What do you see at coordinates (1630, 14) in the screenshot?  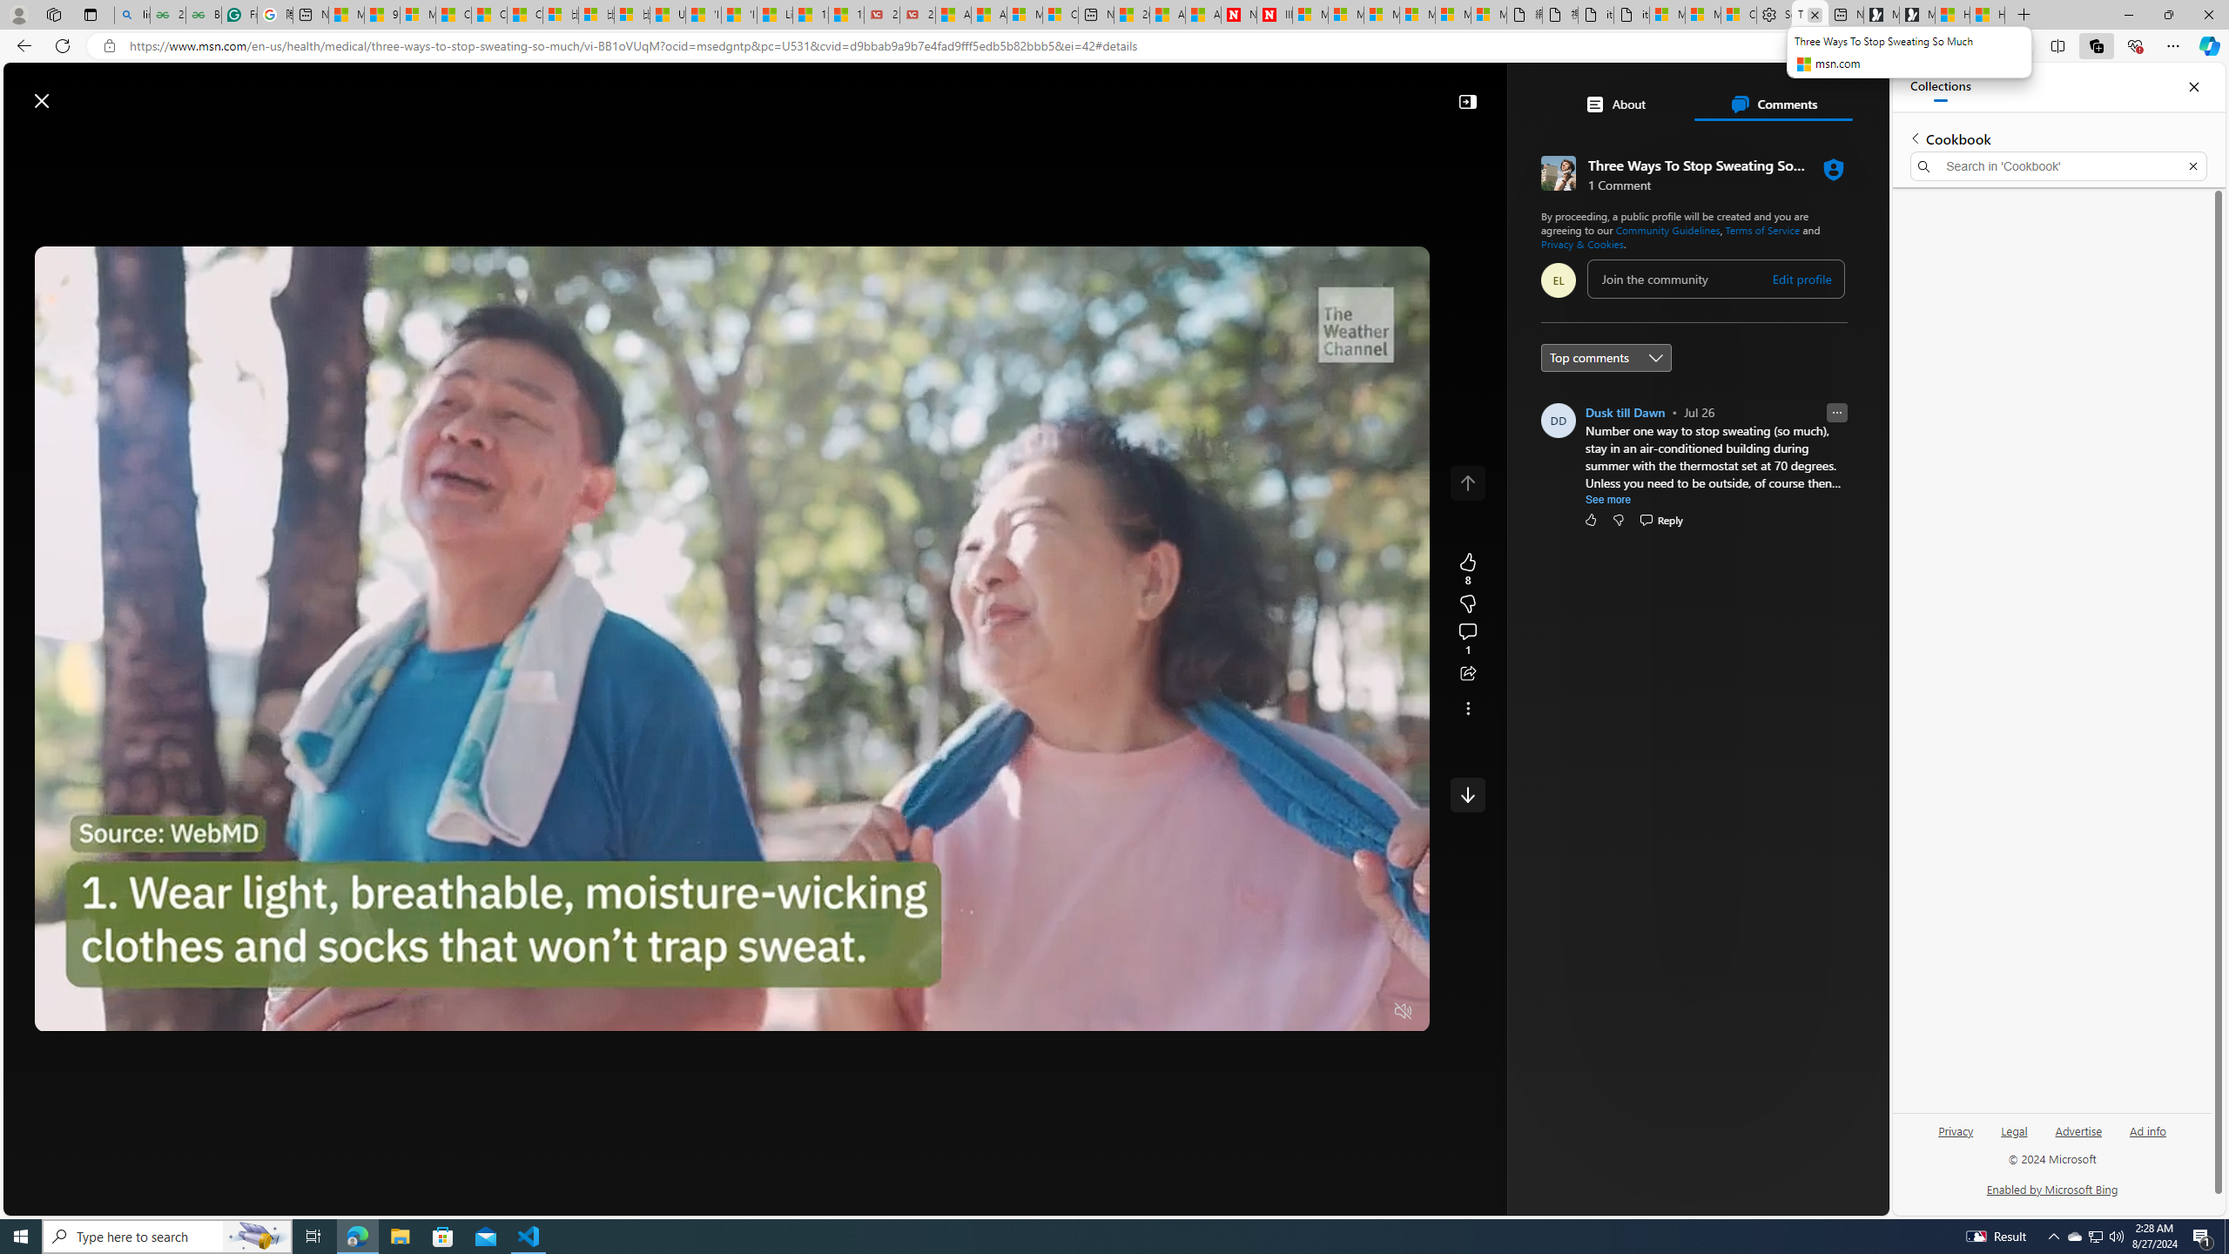 I see `'itconcepthk.com/projector_solutions.mp4'` at bounding box center [1630, 14].